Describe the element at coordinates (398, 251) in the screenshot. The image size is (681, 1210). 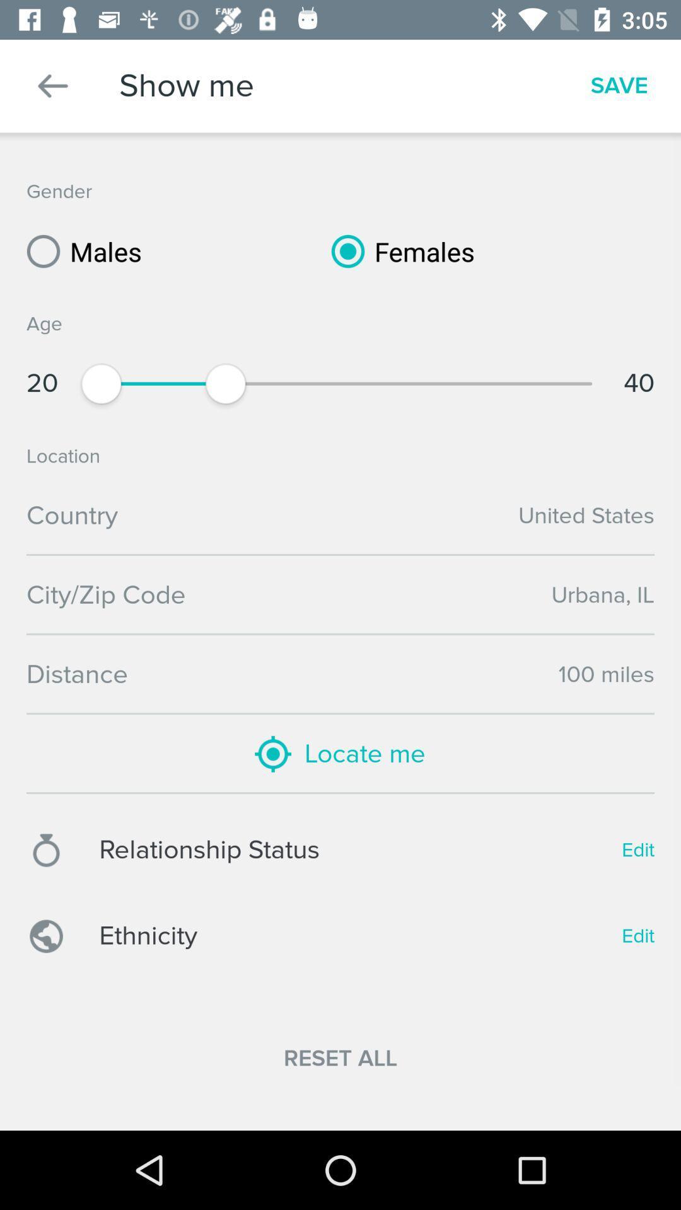
I see `icon above the age item` at that location.